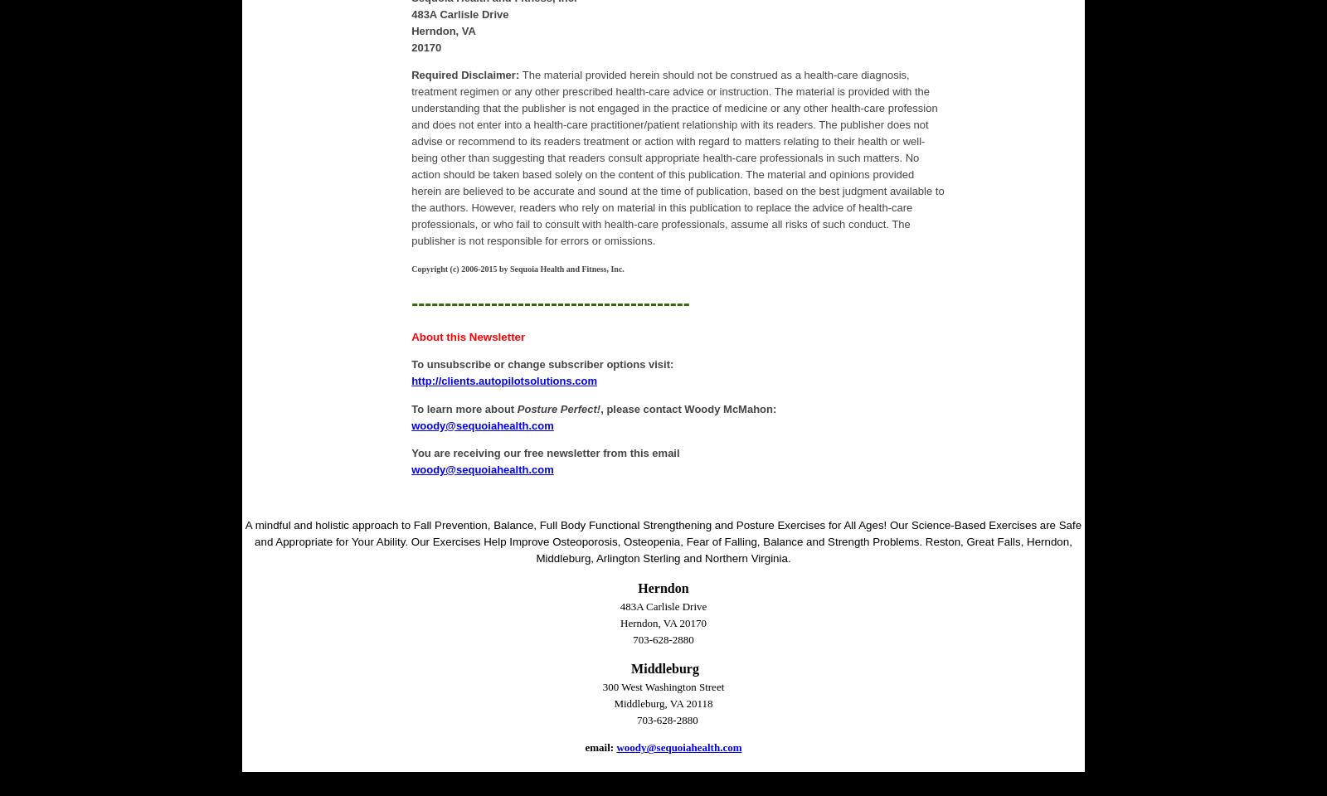  What do you see at coordinates (584, 747) in the screenshot?
I see `'email:'` at bounding box center [584, 747].